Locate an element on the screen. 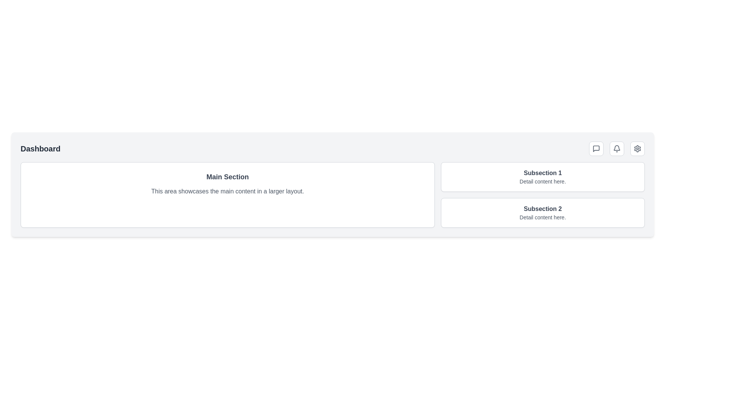  the gear-shaped icon associated with settings, located to the right side of the dashboard header is located at coordinates (638, 148).